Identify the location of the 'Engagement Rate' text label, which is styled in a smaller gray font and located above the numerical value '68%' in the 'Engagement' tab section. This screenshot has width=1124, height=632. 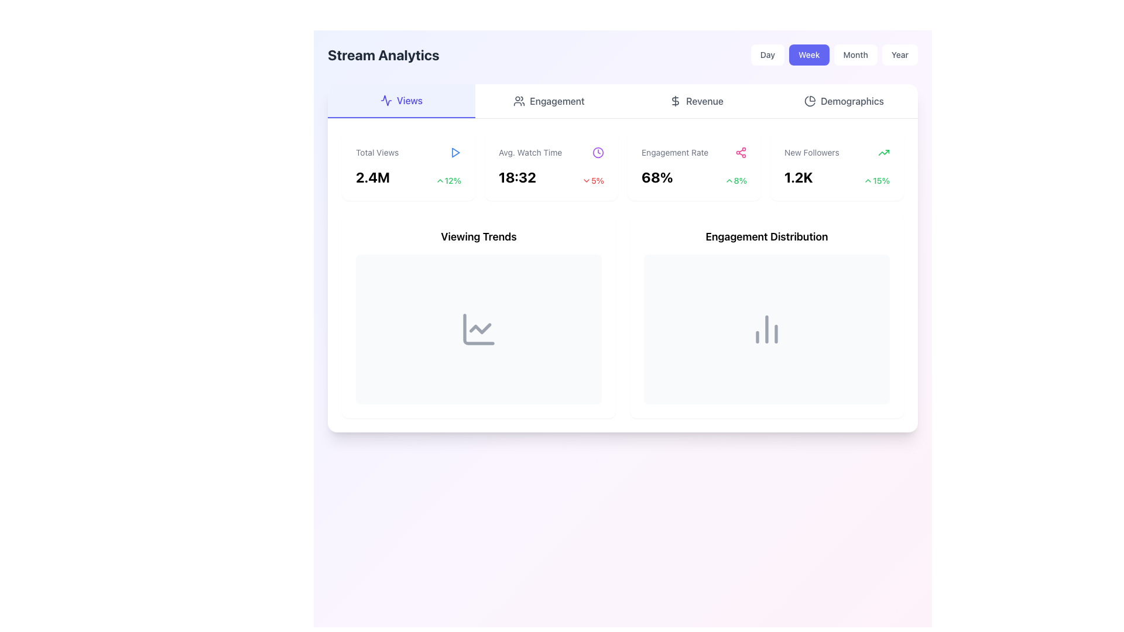
(675, 152).